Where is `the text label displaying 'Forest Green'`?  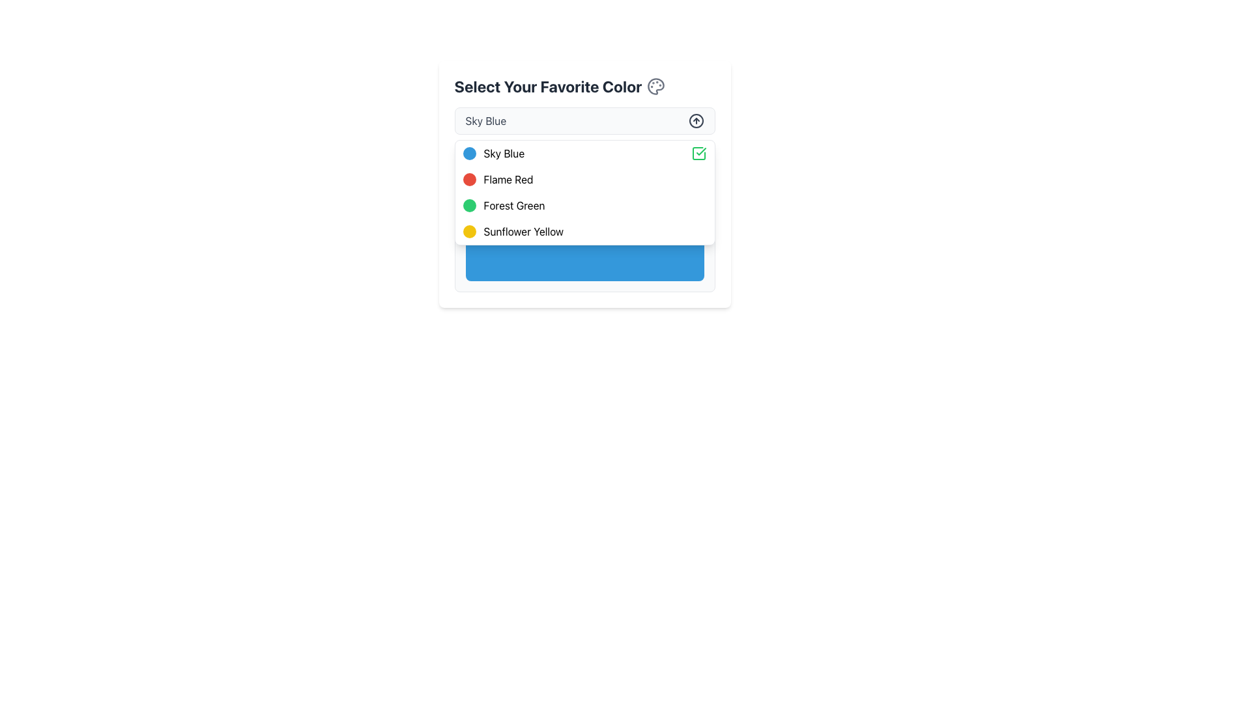 the text label displaying 'Forest Green' is located at coordinates (513, 205).